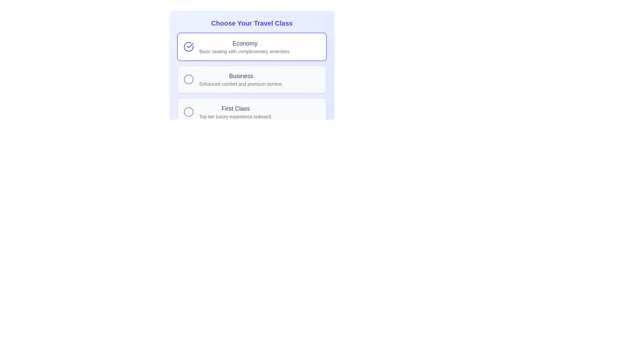  Describe the element at coordinates (252, 79) in the screenshot. I see `the selectable card for the 'Business' travel class option, which is the second option in the list of travel classes labeled 'Choose Your Travel Class.'` at that location.